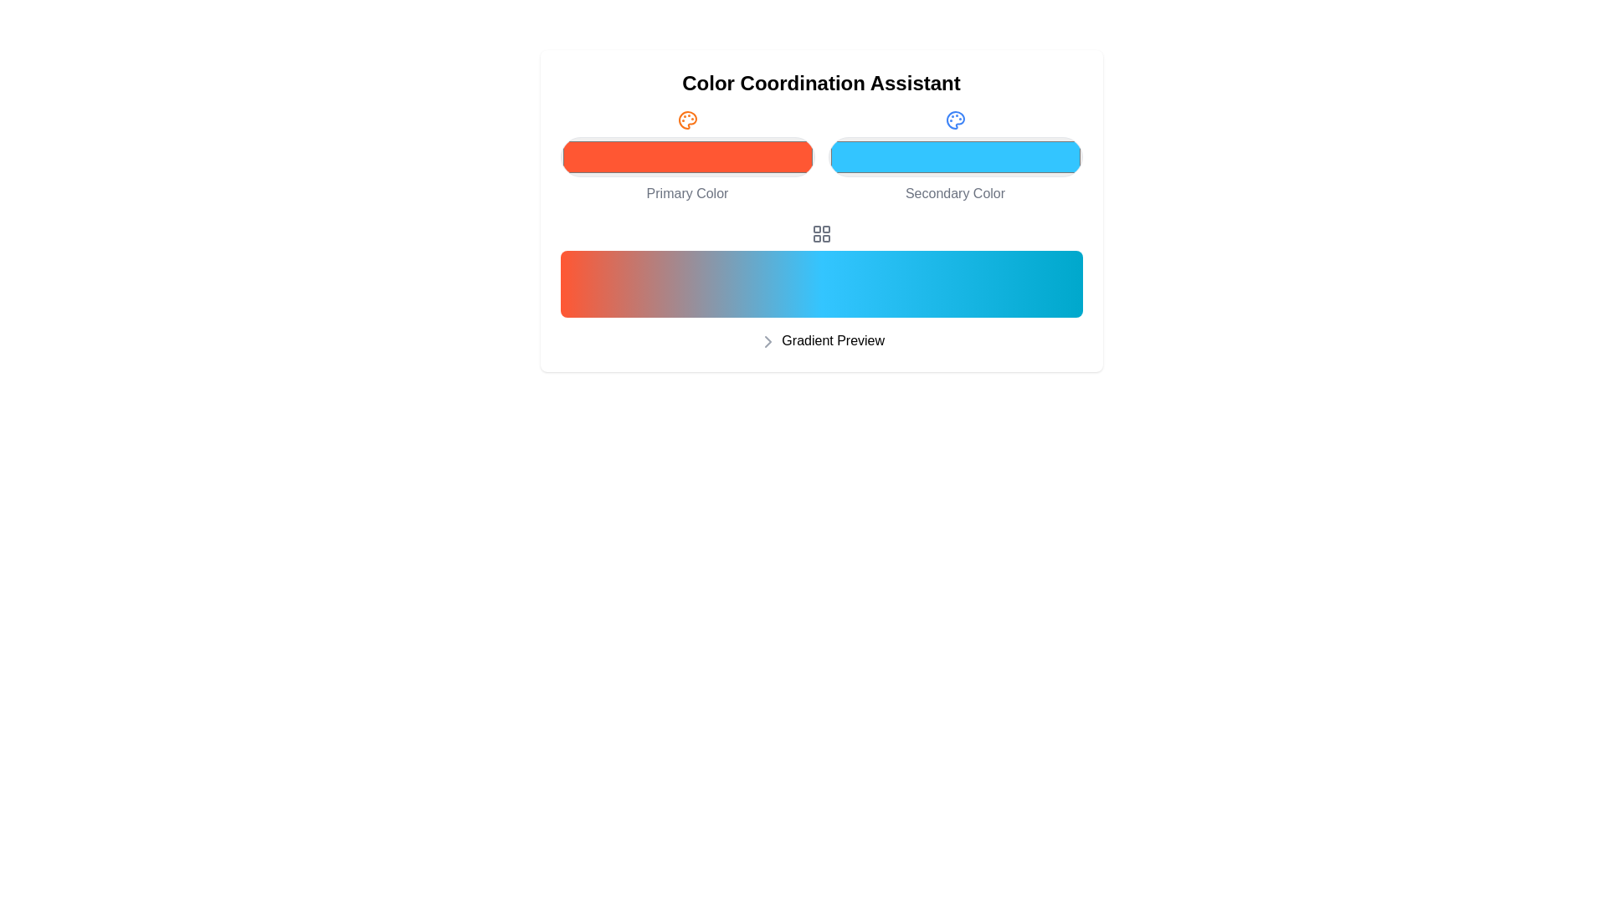  What do you see at coordinates (767, 340) in the screenshot?
I see `the Chevron or Arrow Icon located to the left of the text 'Gradient Preview' for navigation indication` at bounding box center [767, 340].